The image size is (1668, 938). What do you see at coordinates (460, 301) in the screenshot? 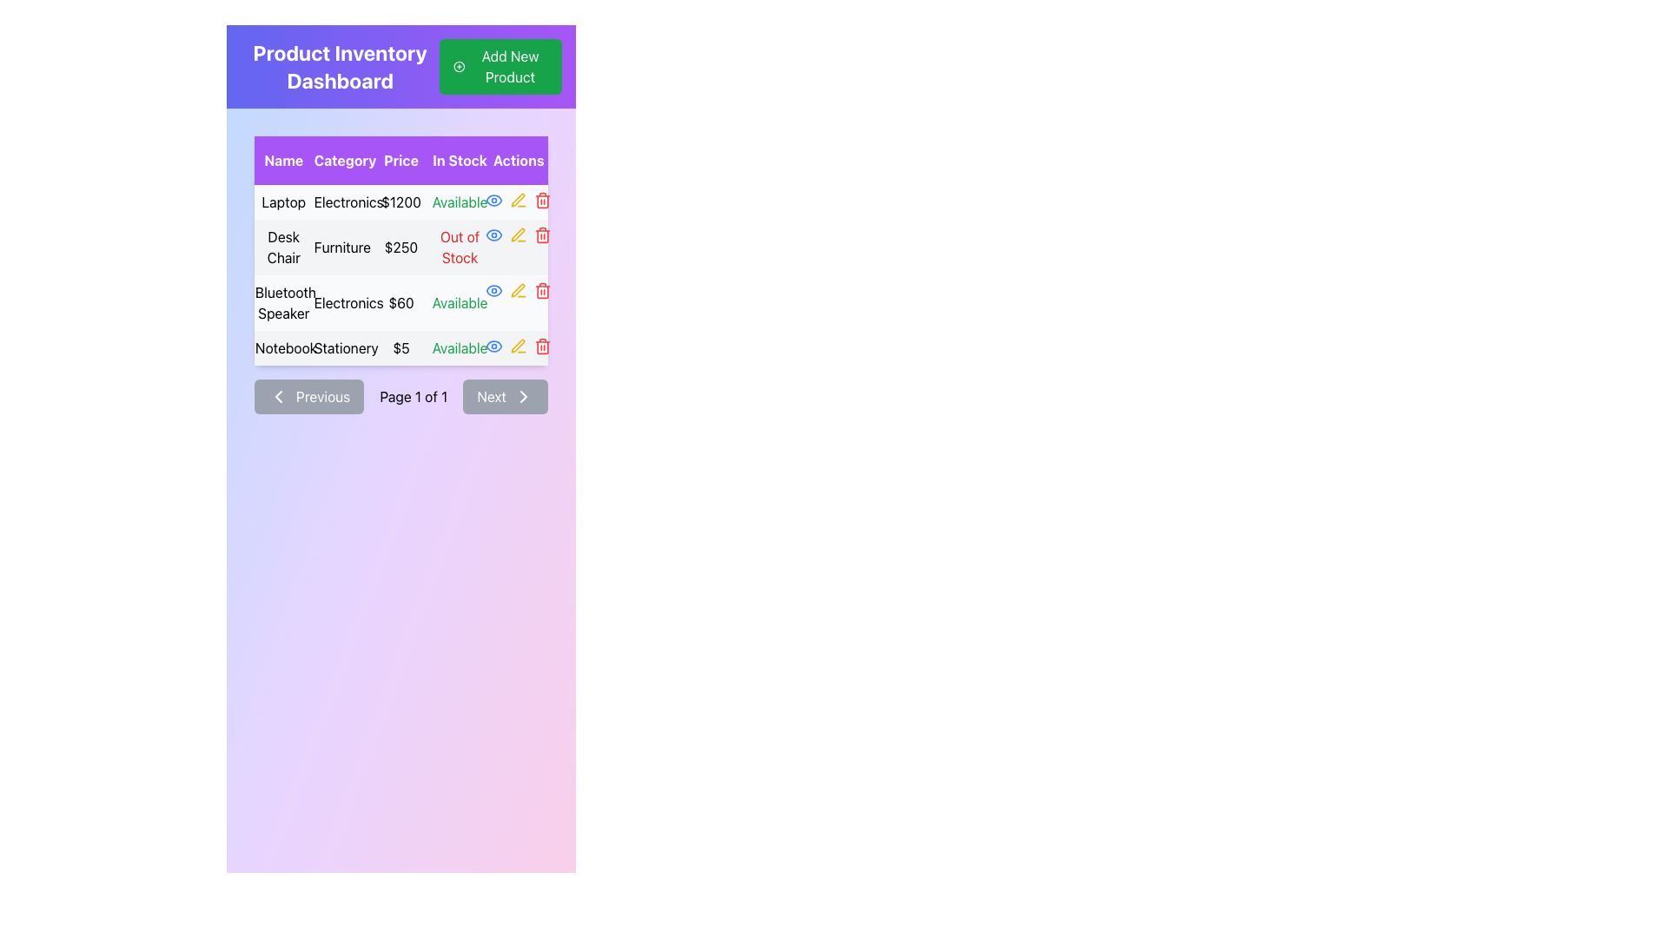
I see `the text label indicating the stock status of the 'Bluetooth Speaker', which is located in the fourth column of the third row of a product table` at bounding box center [460, 301].